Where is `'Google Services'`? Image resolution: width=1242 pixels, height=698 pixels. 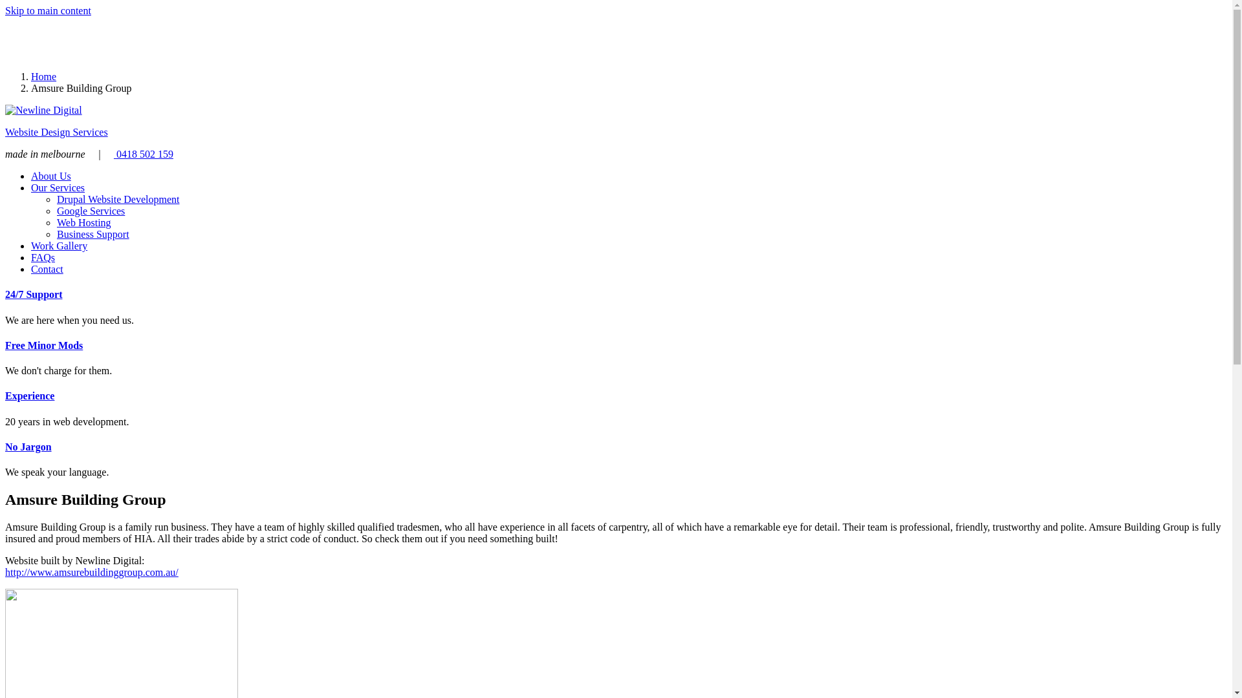 'Google Services' is located at coordinates (90, 210).